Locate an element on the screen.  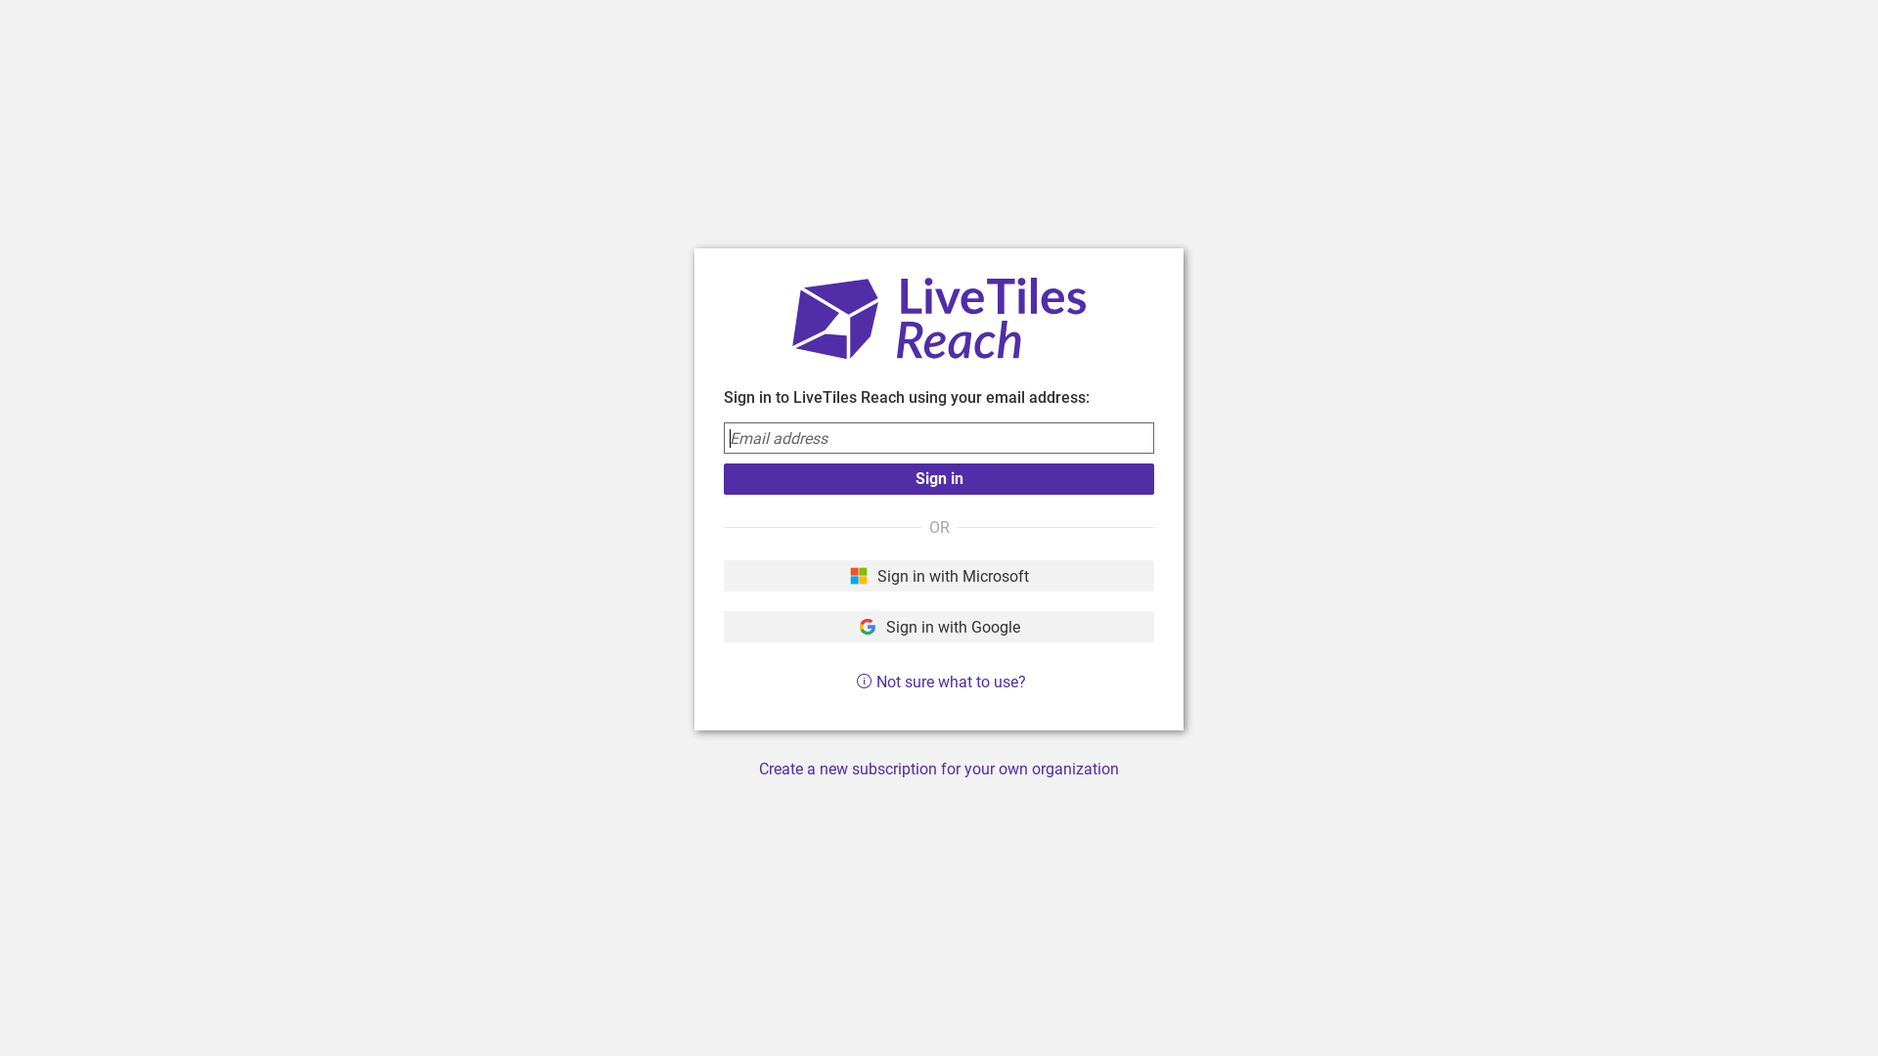
'Sign in' is located at coordinates (939, 478).